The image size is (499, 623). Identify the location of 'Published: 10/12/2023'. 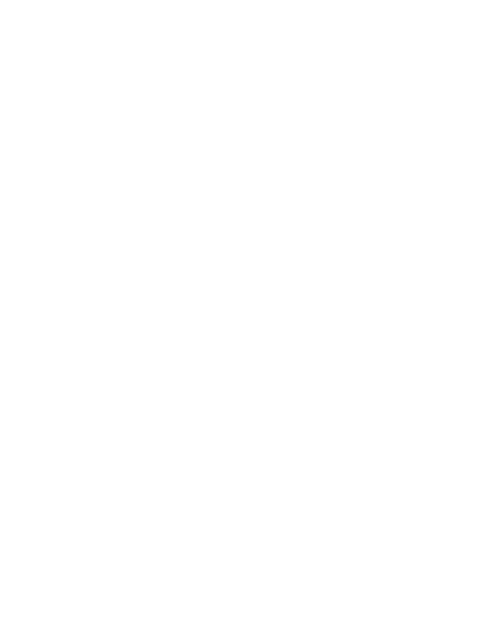
(190, 347).